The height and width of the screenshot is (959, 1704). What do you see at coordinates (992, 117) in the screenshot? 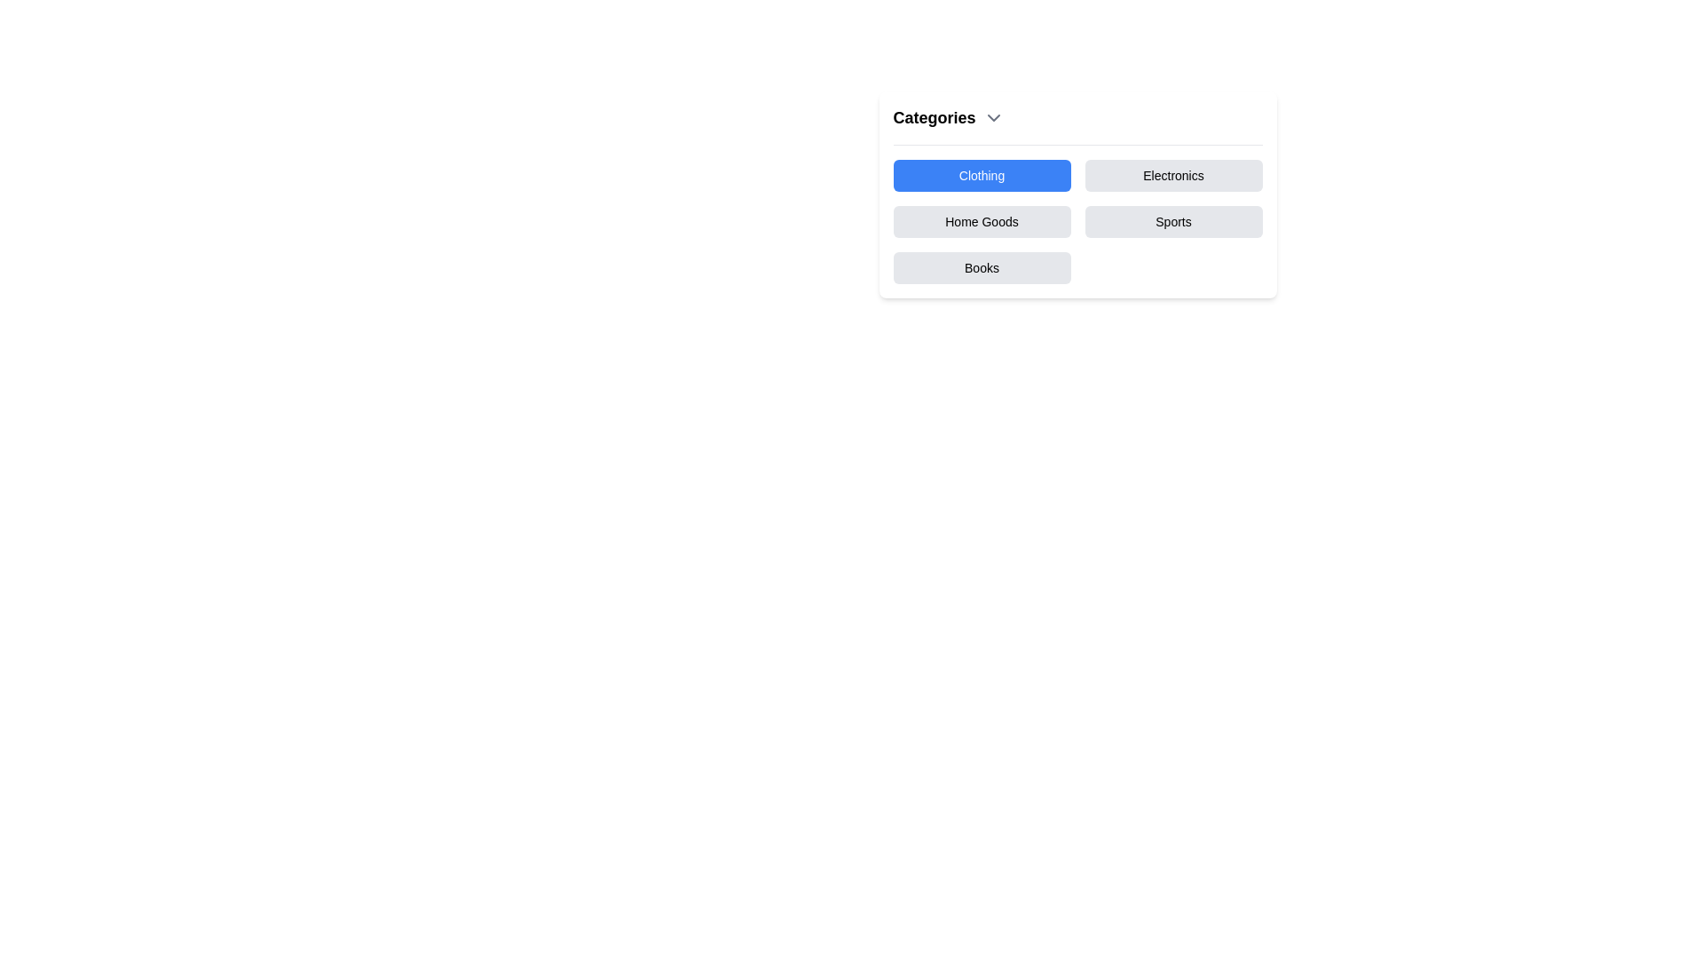
I see `the small gray downward-pointing chevron icon located to the right of the 'Categories' text` at bounding box center [992, 117].